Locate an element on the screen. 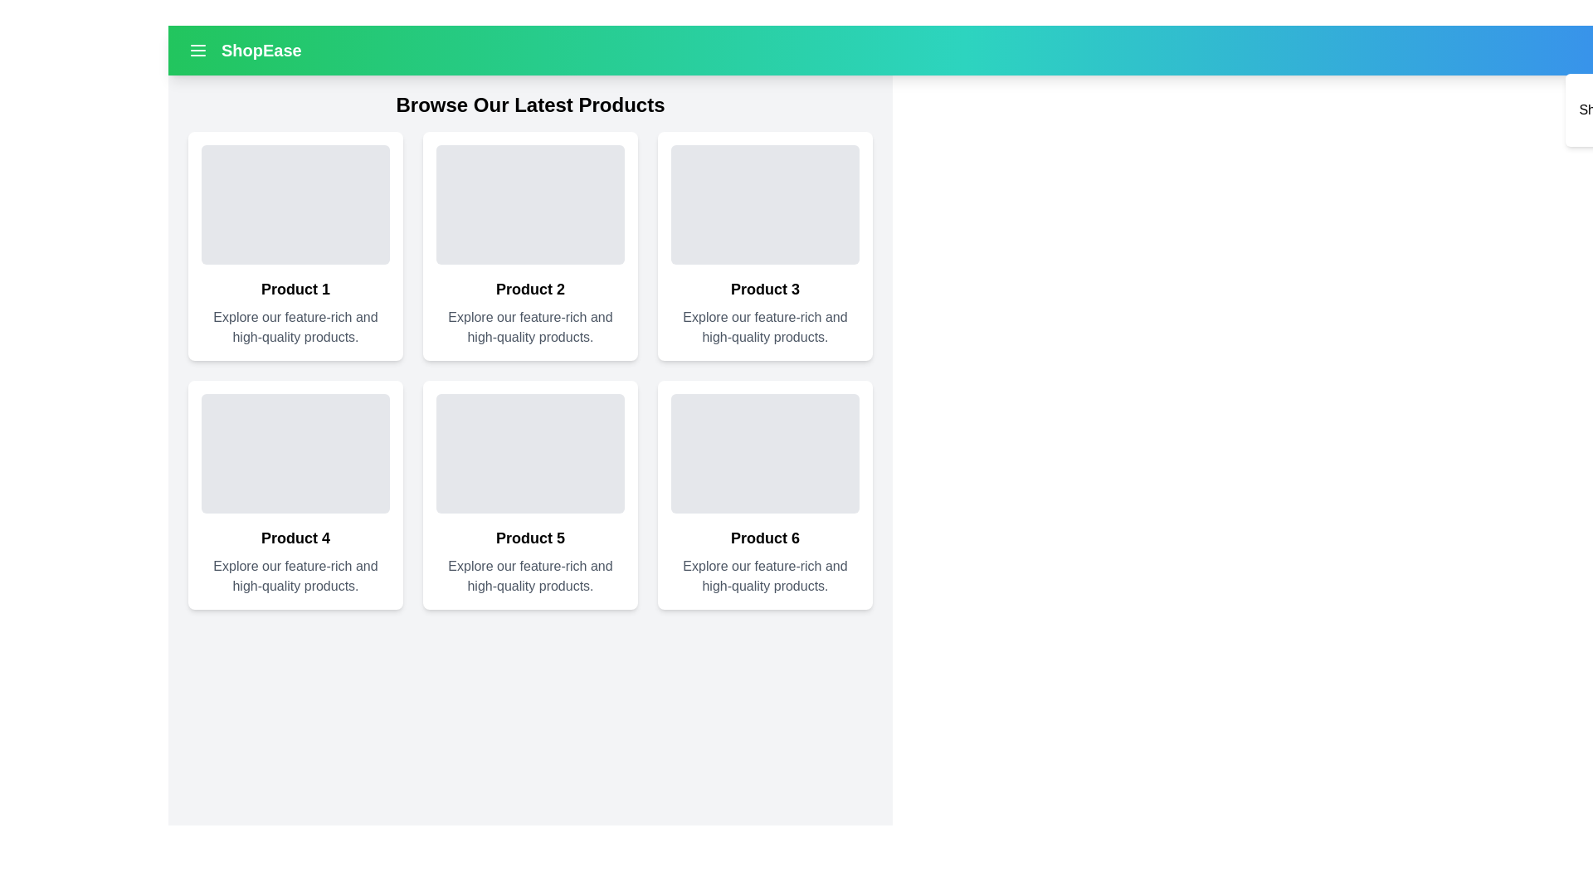 This screenshot has width=1593, height=896. the static text element displaying the message 'Explore our feature-rich and high-quality products.' located below the title 'Product 6' in the sixth card of the grid layout is located at coordinates (764, 575).